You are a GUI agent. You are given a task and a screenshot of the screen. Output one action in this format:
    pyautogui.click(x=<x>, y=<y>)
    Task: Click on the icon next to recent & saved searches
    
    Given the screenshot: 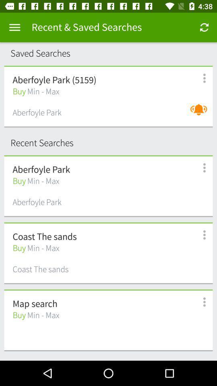 What is the action you would take?
    pyautogui.click(x=204, y=27)
    